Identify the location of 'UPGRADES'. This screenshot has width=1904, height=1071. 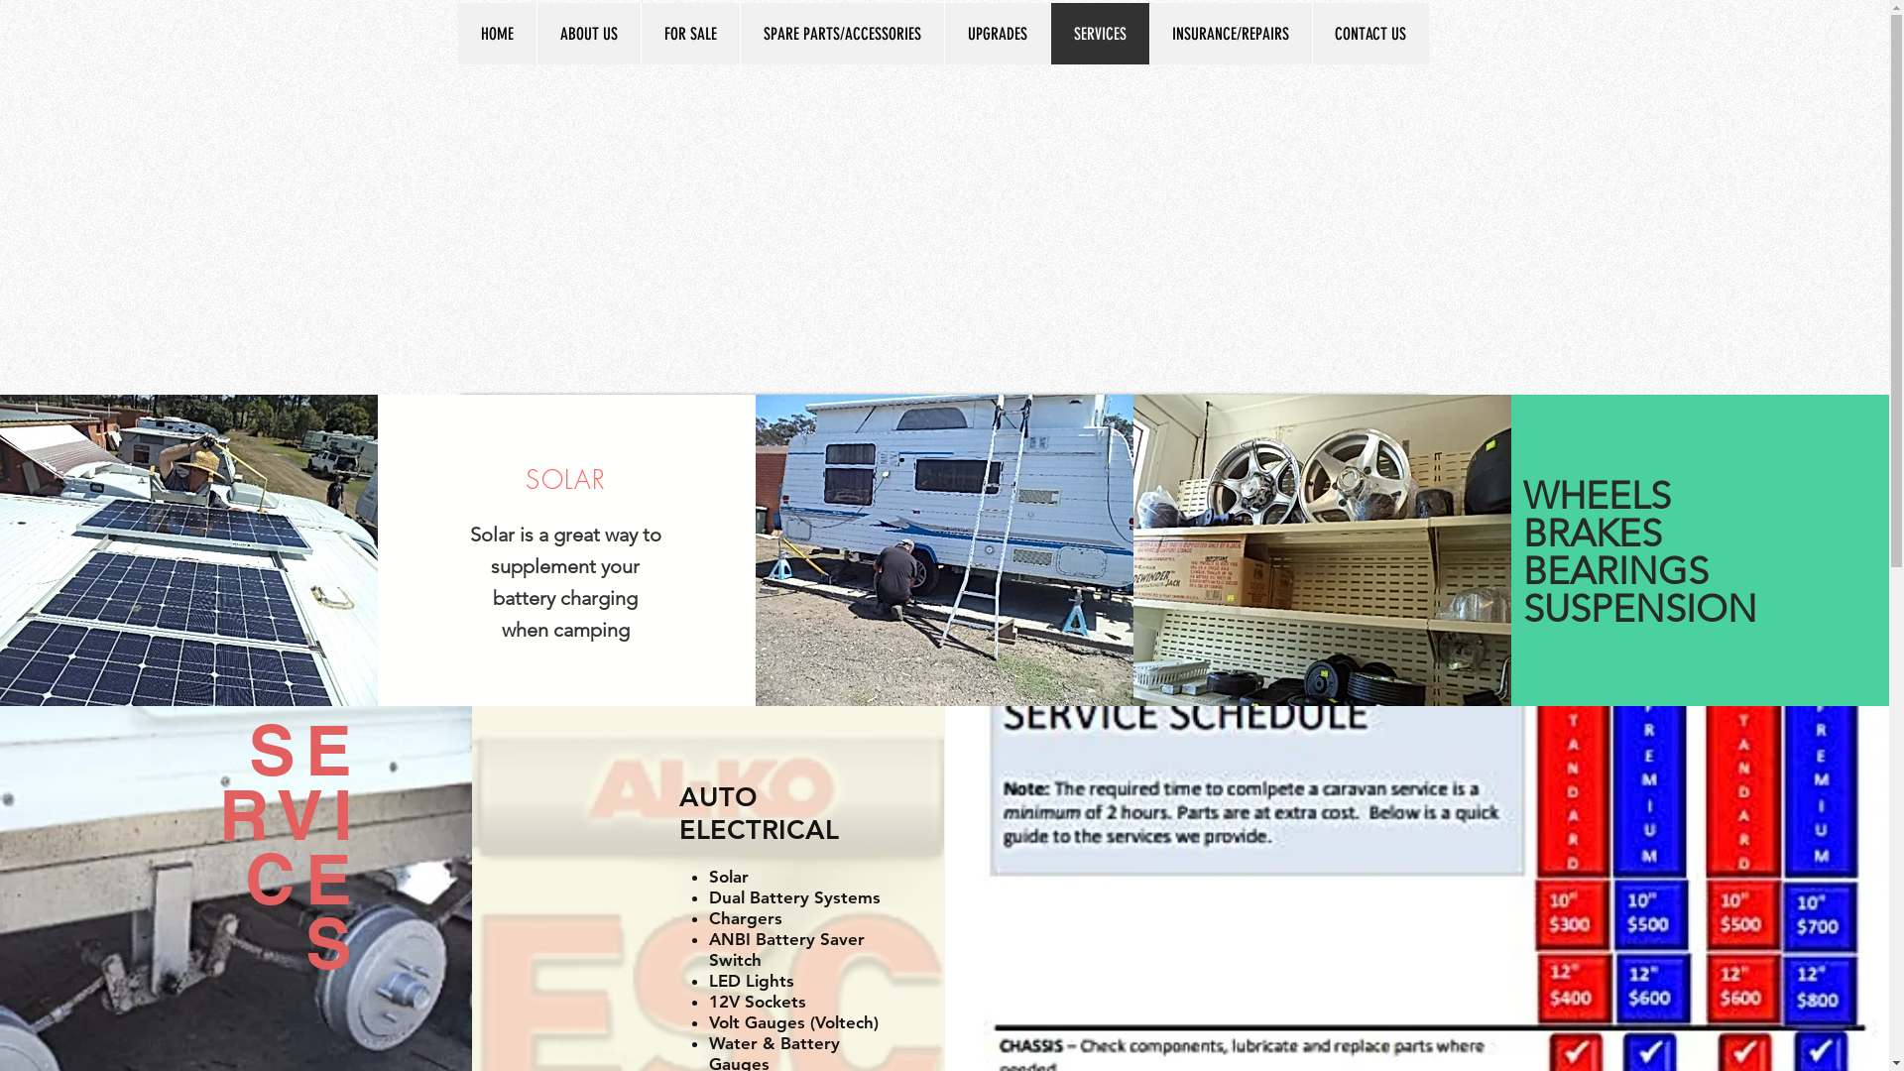
(997, 34).